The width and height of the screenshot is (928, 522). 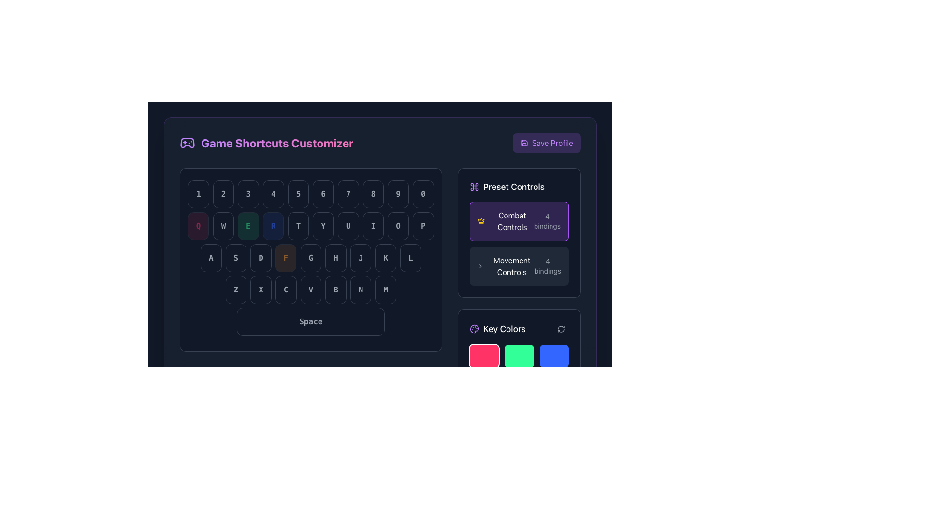 What do you see at coordinates (298, 226) in the screenshot?
I see `the rectangular button with rounded corners labeled 'T', located in the middle row of a virtual keyboard layout, positioned between the 'RReload' and 'Y' buttons` at bounding box center [298, 226].